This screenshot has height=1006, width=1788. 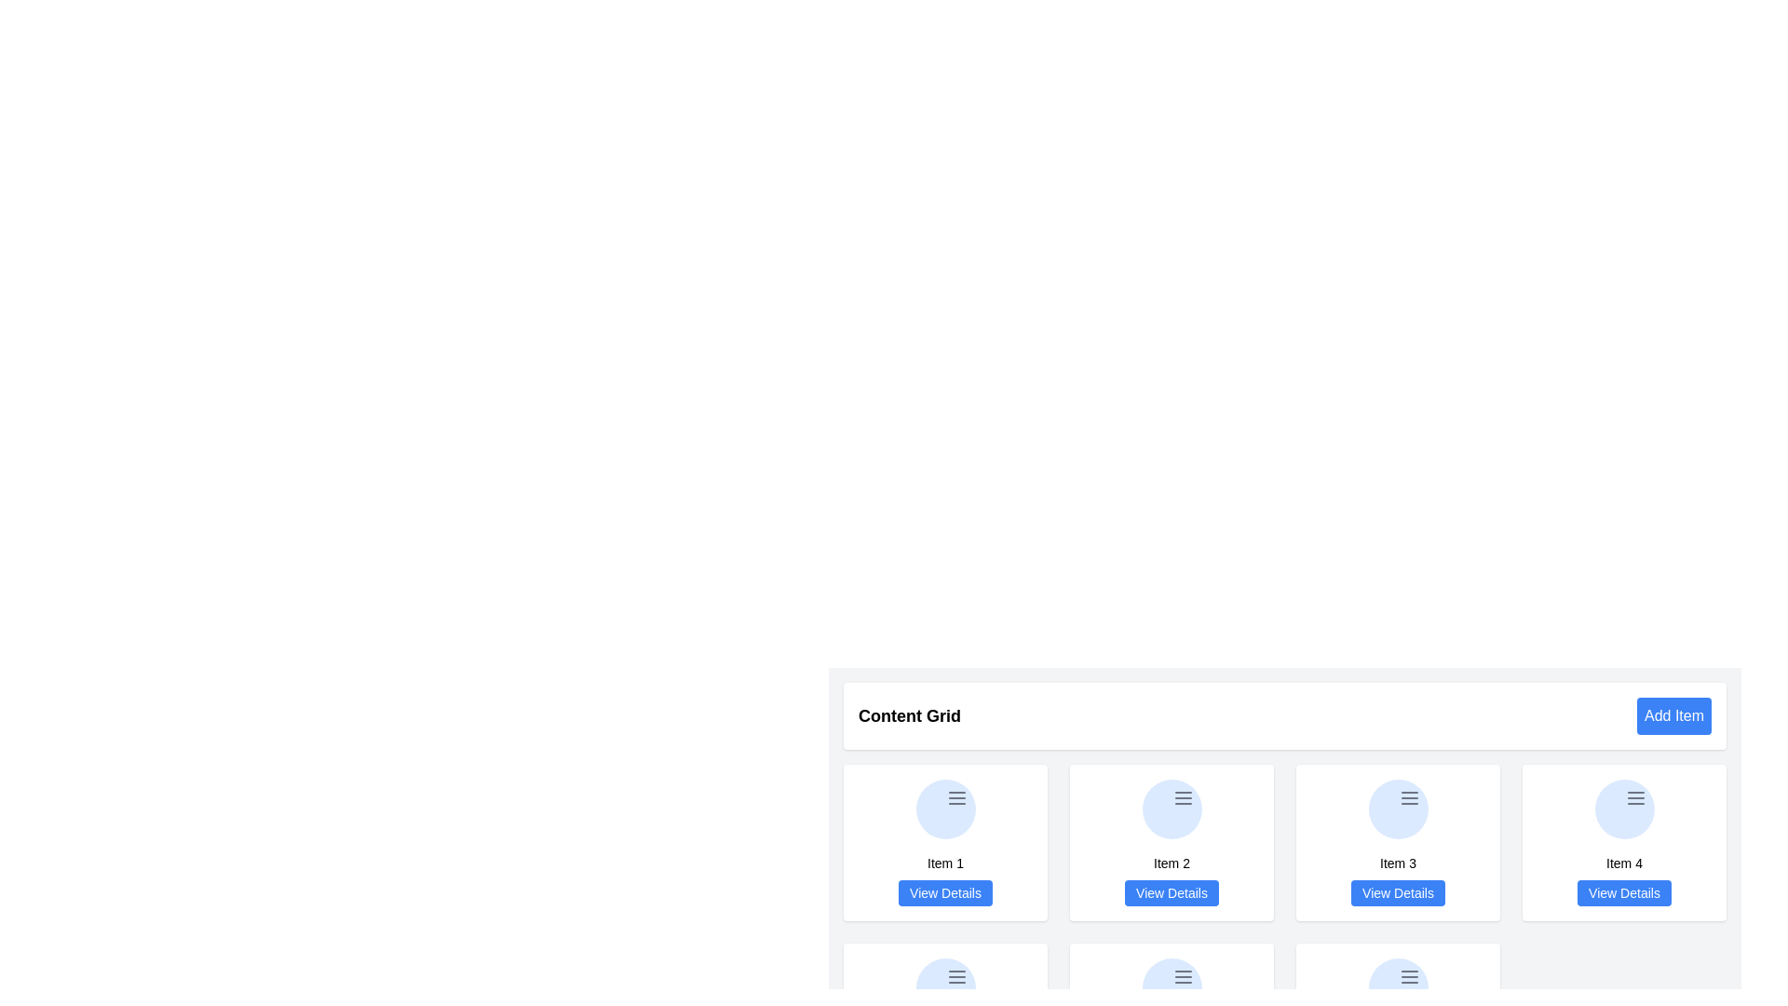 I want to click on the 'hamburger' menu icon, which consists of three horizontal lines stacked evenly and is located within a circular light blue background as part of 'Item 3', so click(x=956, y=976).